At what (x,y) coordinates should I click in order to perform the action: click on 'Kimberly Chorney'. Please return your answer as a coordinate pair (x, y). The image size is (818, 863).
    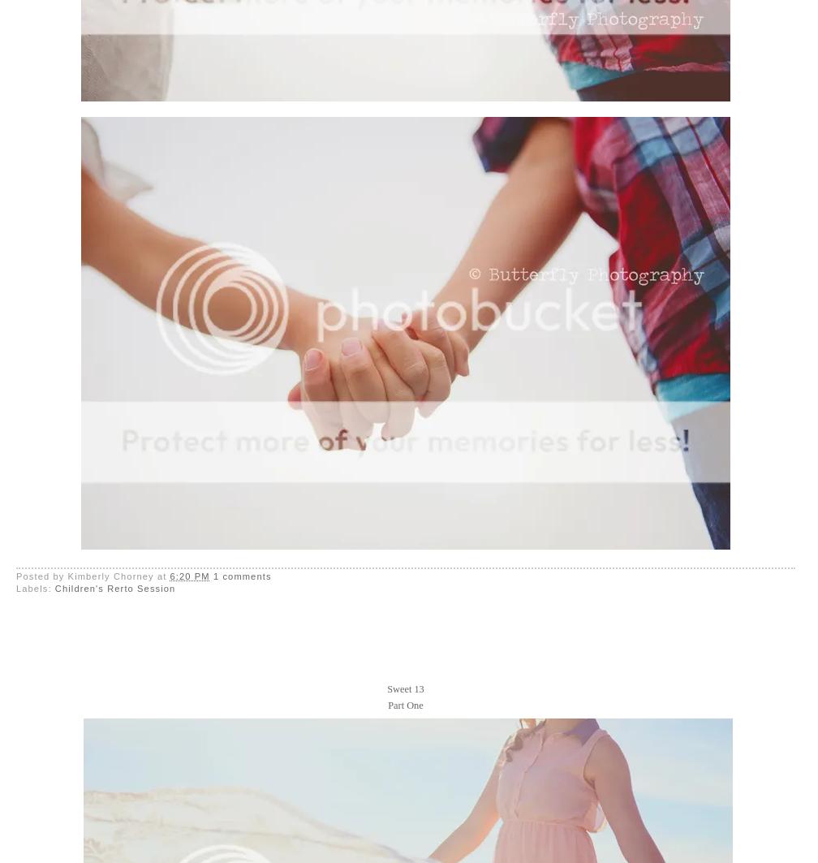
    Looking at the image, I should click on (110, 575).